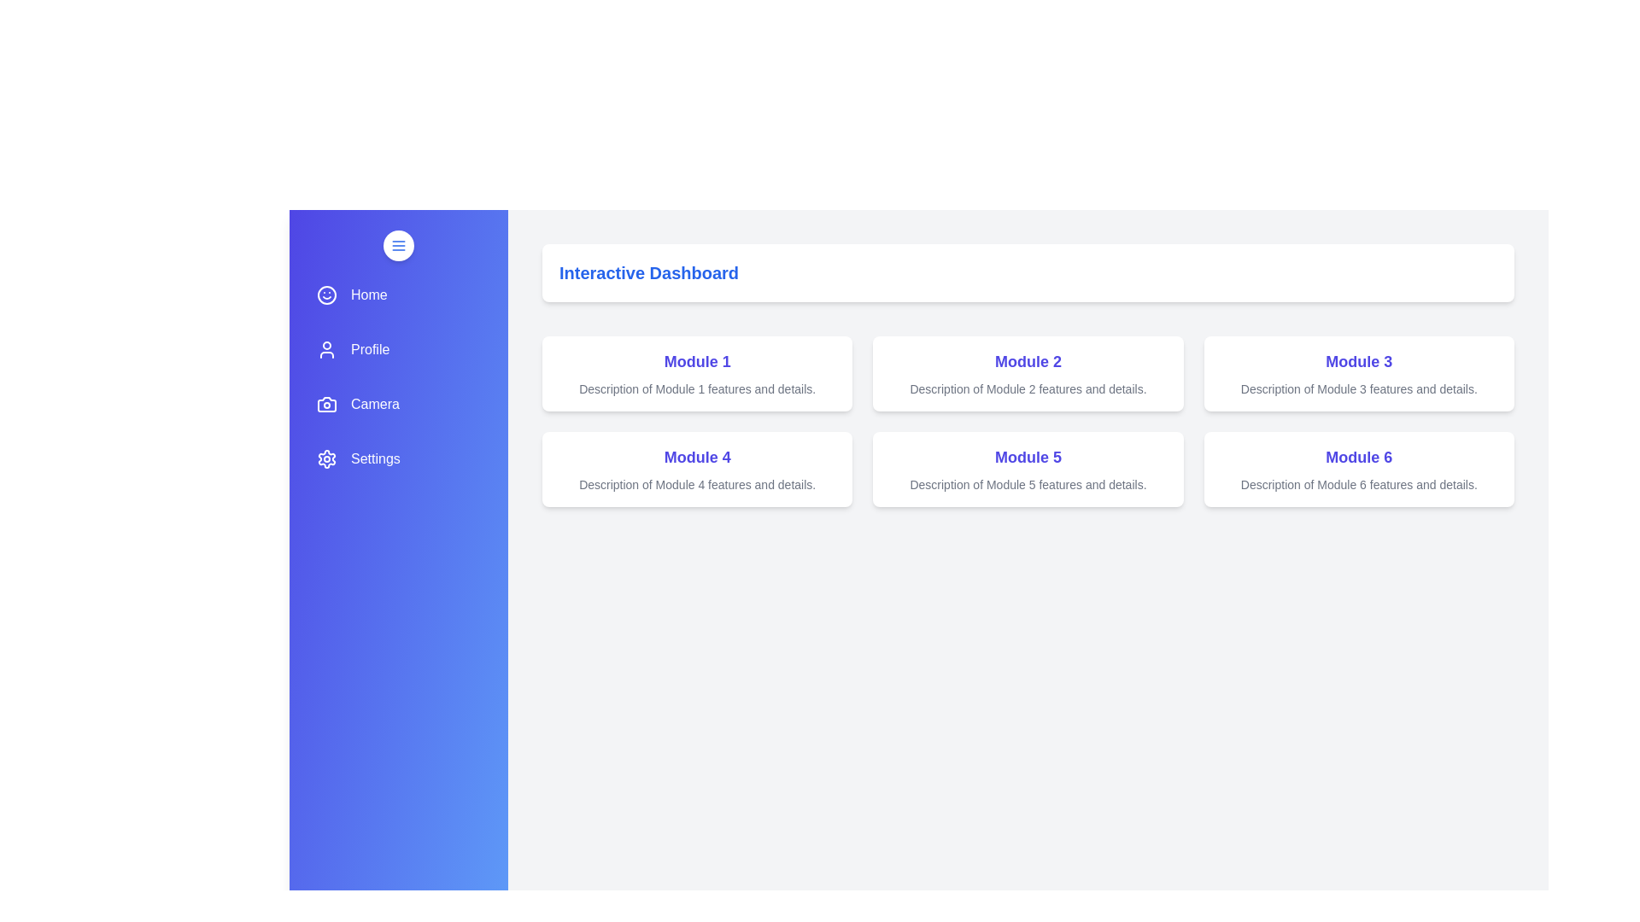  Describe the element at coordinates (1358, 457) in the screenshot. I see `header label displaying 'Module 6' which is styled in a large, bold indigo font, located at the top of the last card in the grid layout of the dashboard` at that location.